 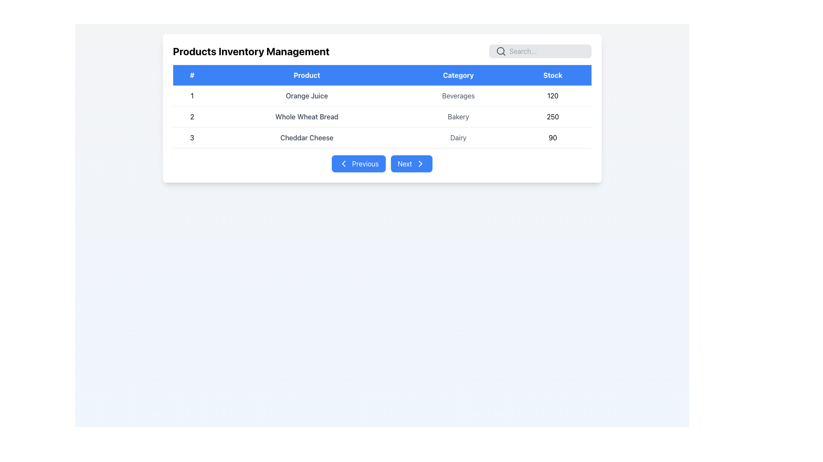 What do you see at coordinates (192, 117) in the screenshot?
I see `the text label in the second row of the table under the '#' header column, which identifies the row for 'Whole Wheat Bread'` at bounding box center [192, 117].